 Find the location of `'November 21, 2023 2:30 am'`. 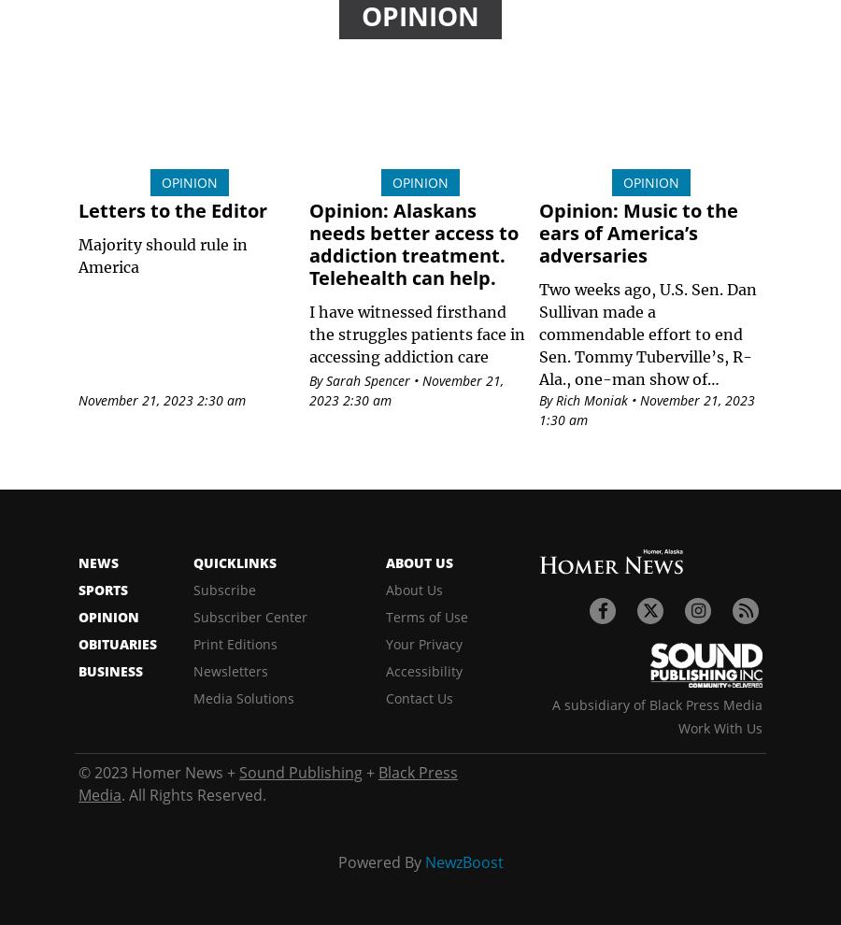

'November 21, 2023 2:30 am' is located at coordinates (162, 399).